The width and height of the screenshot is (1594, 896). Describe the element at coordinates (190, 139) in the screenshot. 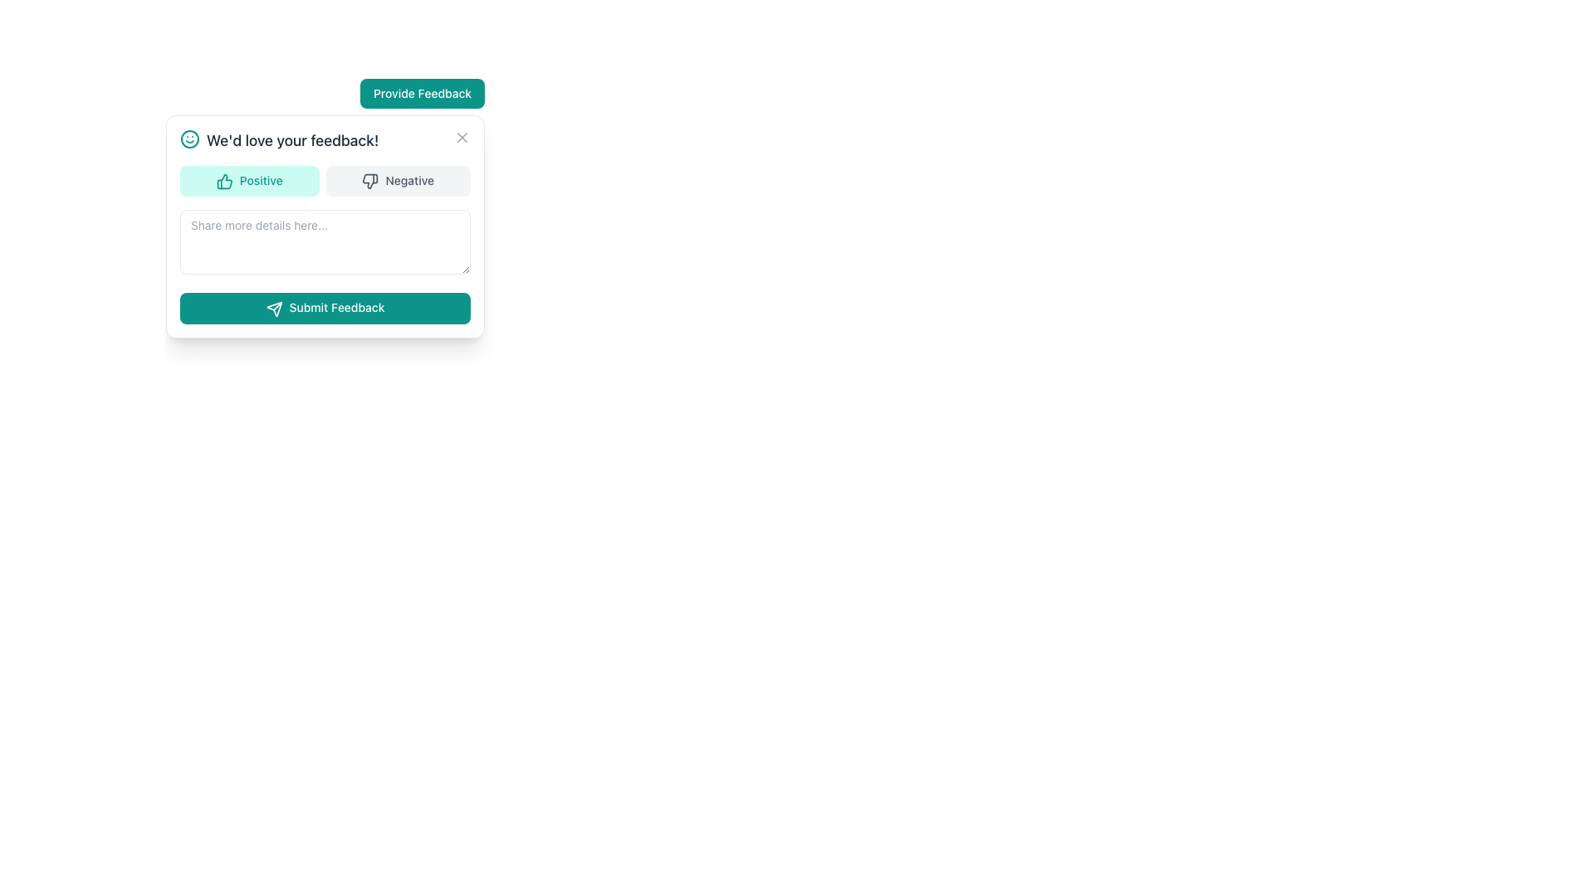

I see `the teal-colored smiley face icon with a circular outline, located next to the feedback message titled "We'd love your feedback!"` at that location.